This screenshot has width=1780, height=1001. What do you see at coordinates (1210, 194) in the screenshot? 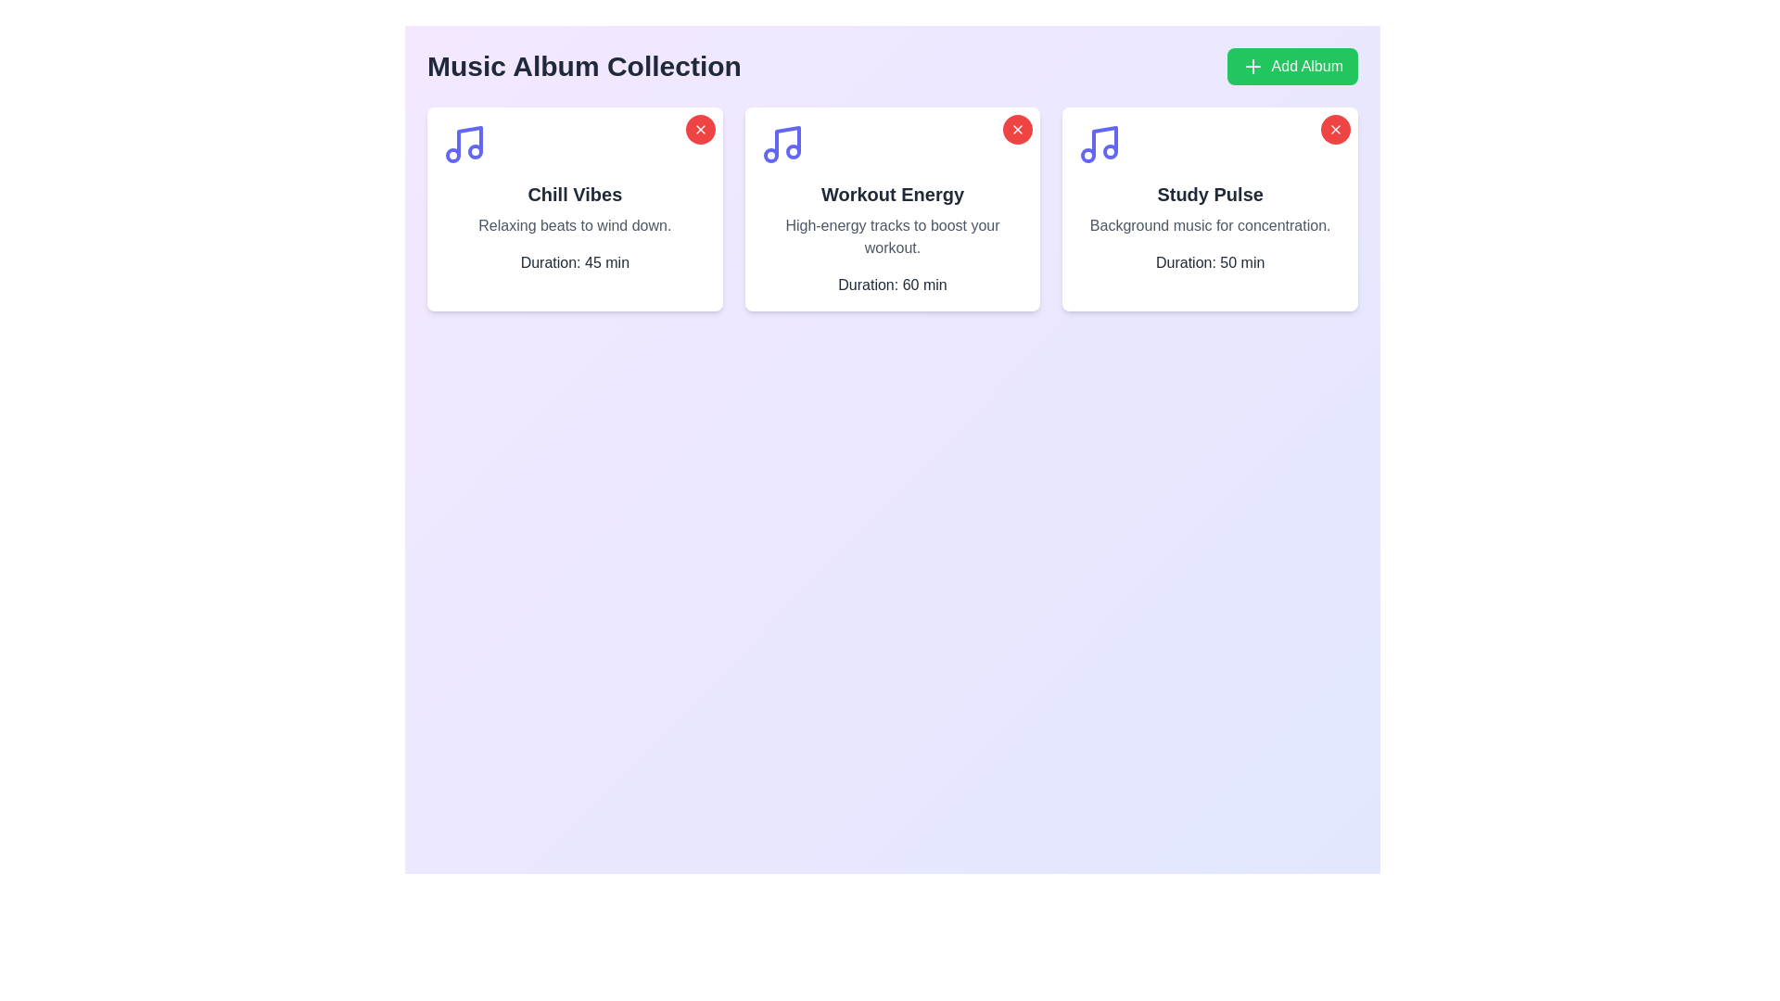
I see `the text label that serves as the title for the music item on the third card, located at the top center under the music note icon` at bounding box center [1210, 194].